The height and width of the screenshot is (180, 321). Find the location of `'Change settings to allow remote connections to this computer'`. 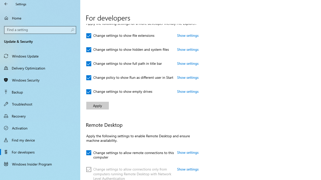

'Change settings to allow remote connections to this computer' is located at coordinates (130, 154).